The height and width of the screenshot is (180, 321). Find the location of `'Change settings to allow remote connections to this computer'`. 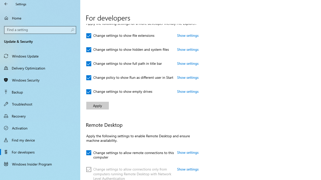

'Change settings to allow remote connections to this computer' is located at coordinates (130, 154).